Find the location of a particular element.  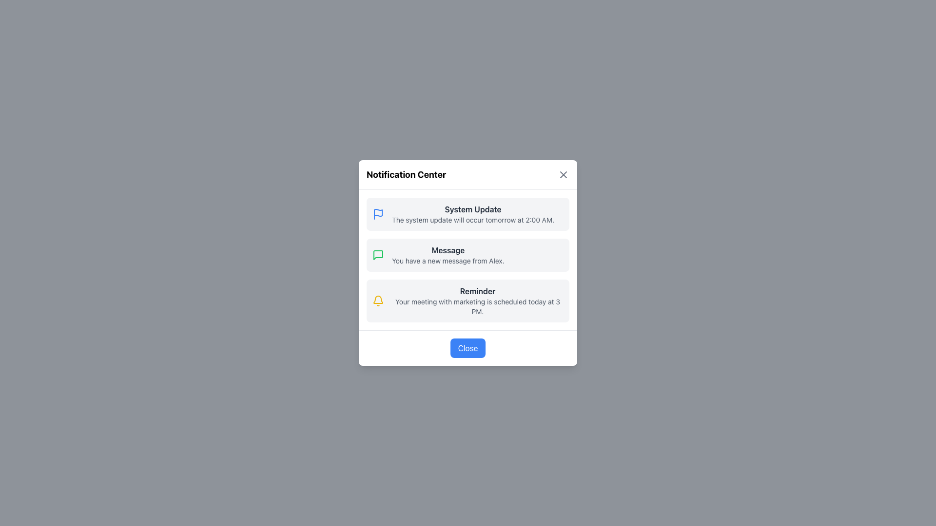

the blue rectangular 'Close' button with rounded corners located at the bottom center of the modal window is located at coordinates (468, 347).